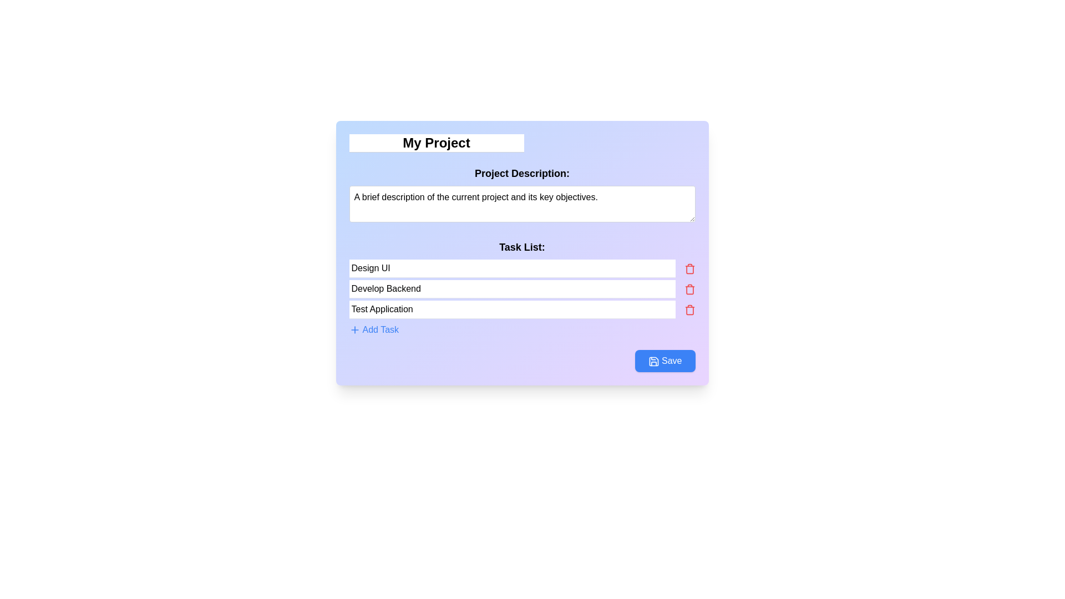  What do you see at coordinates (654, 361) in the screenshot?
I see `the decorative icon located at the left of the 'Save' button in the bottom-right corner of the interface` at bounding box center [654, 361].